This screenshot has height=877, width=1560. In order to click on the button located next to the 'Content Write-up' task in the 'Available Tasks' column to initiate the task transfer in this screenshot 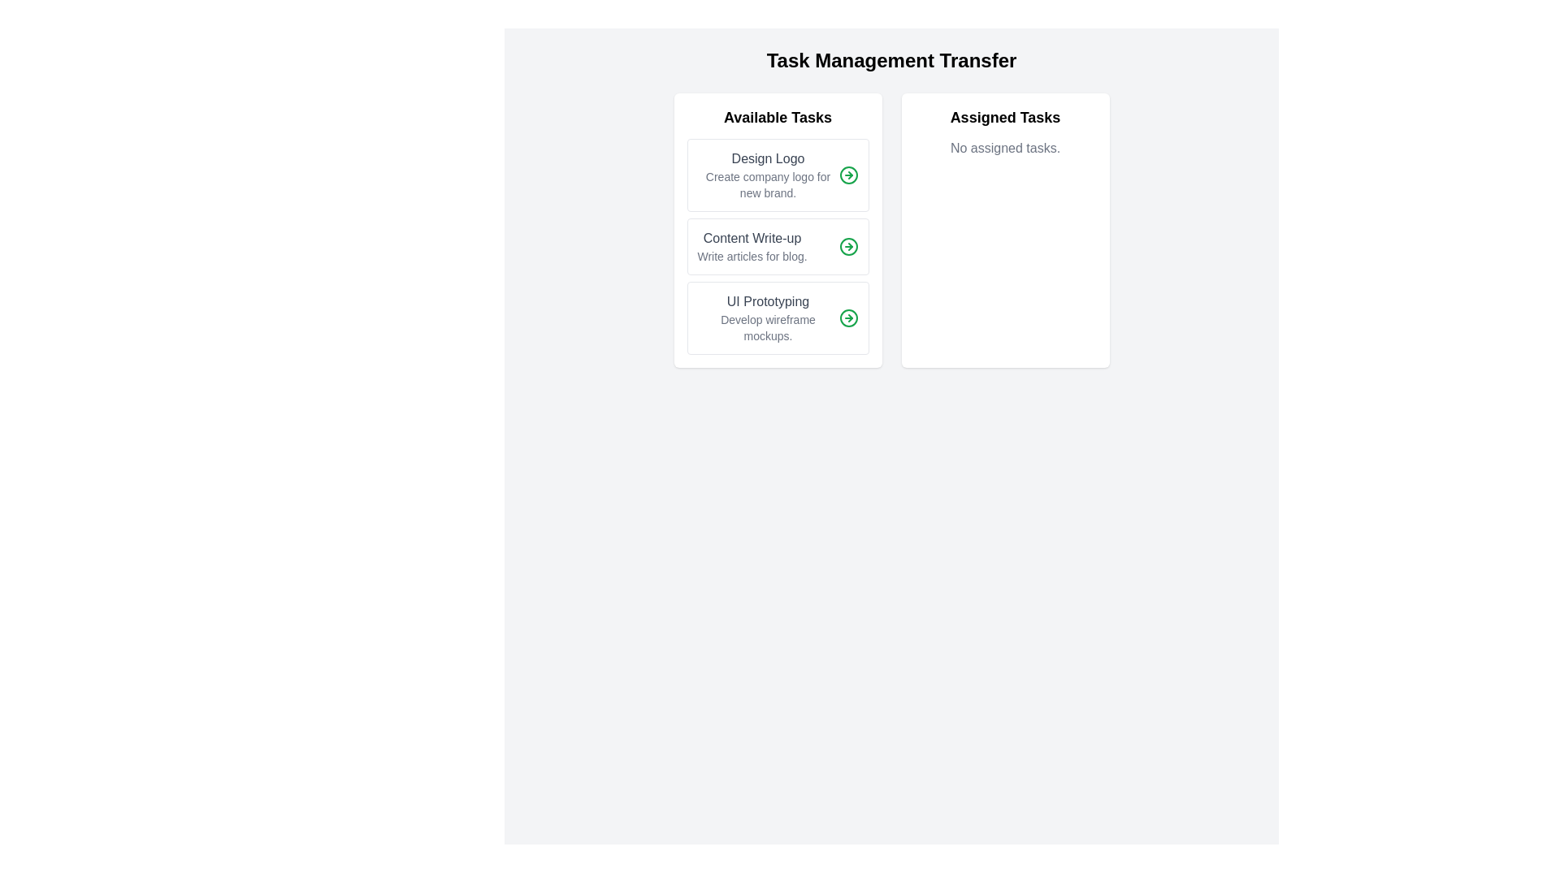, I will do `click(847, 247)`.